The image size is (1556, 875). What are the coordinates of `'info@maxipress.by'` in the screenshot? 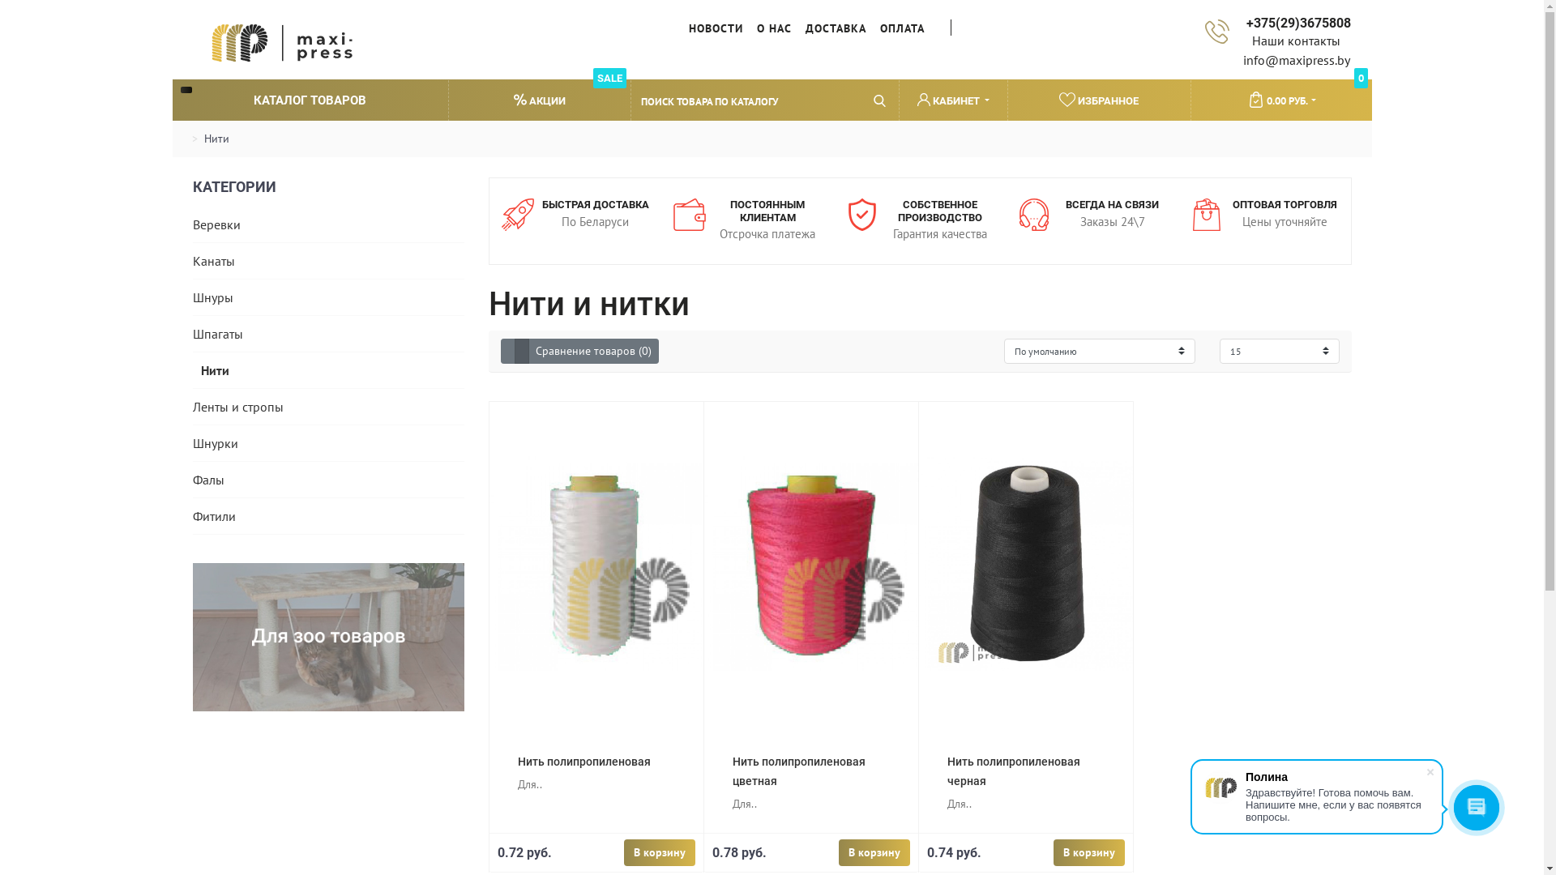 It's located at (1295, 58).